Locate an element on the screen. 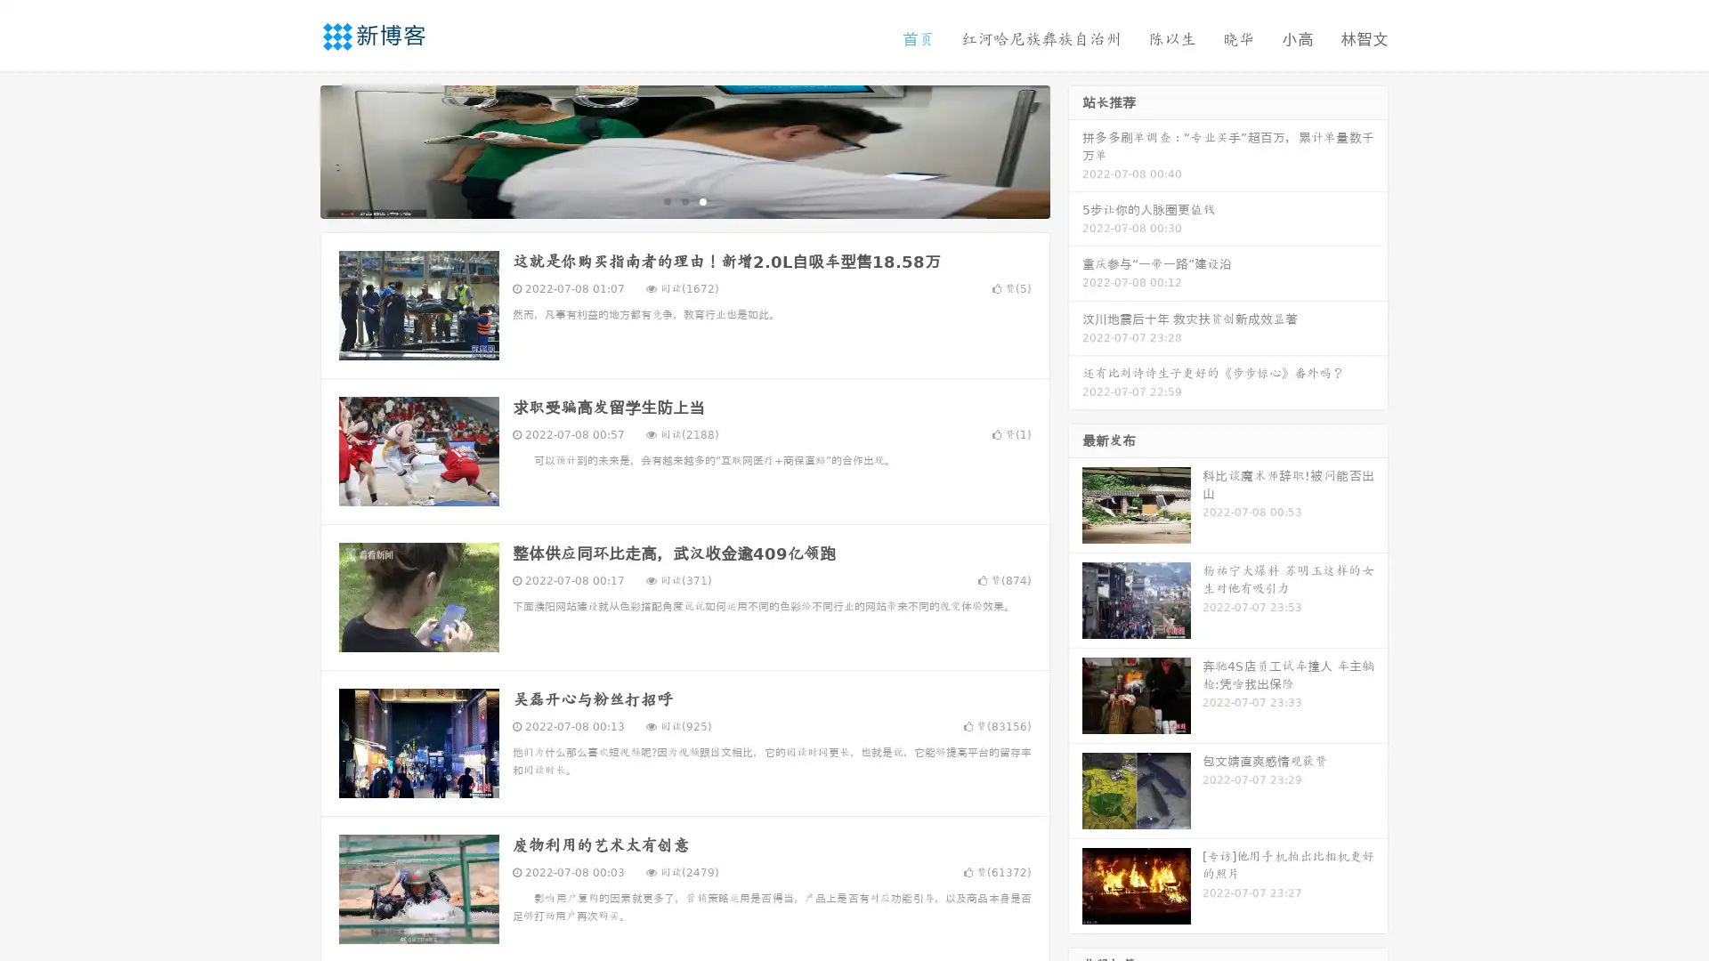  Go to slide 1 is located at coordinates (666, 200).